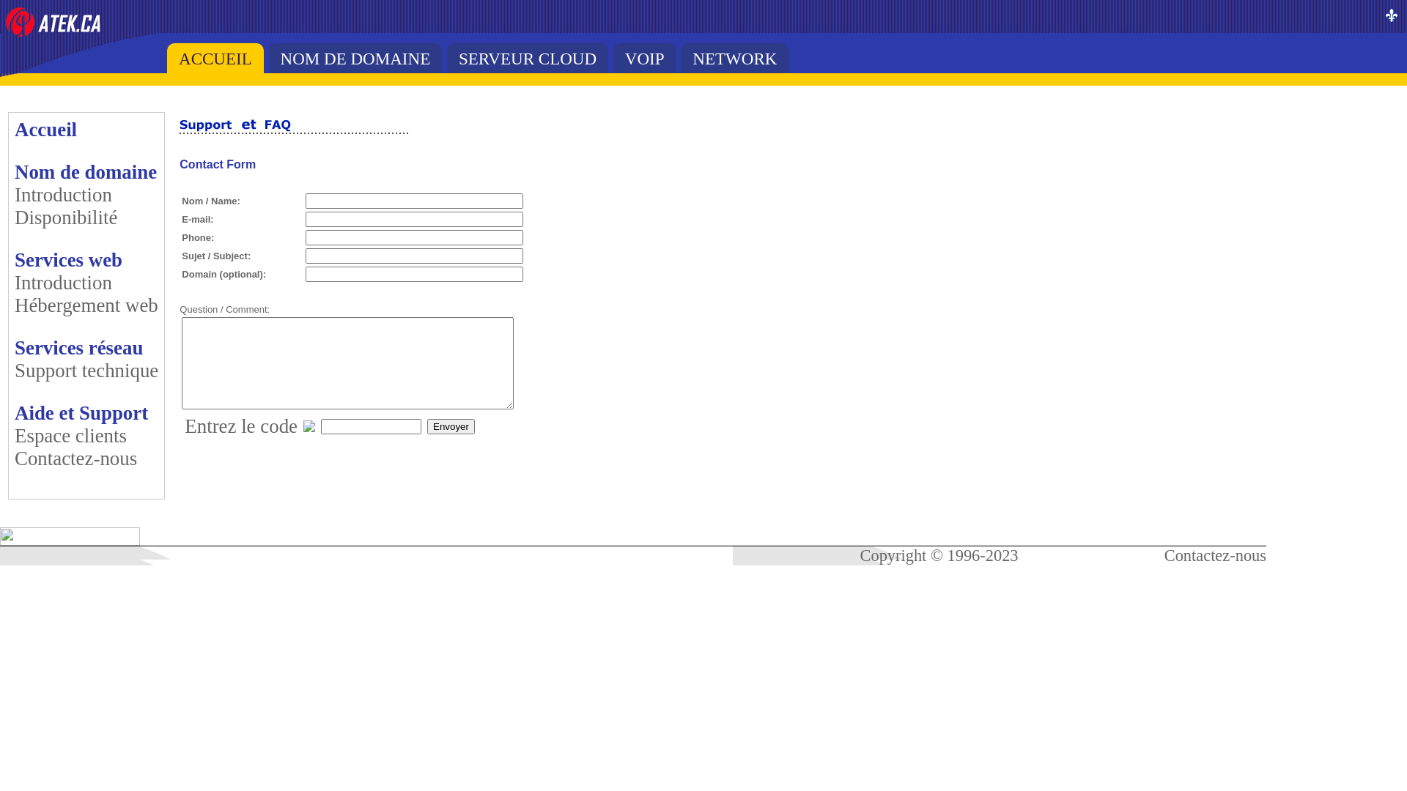 The image size is (1407, 791). What do you see at coordinates (45, 129) in the screenshot?
I see `'Accueil'` at bounding box center [45, 129].